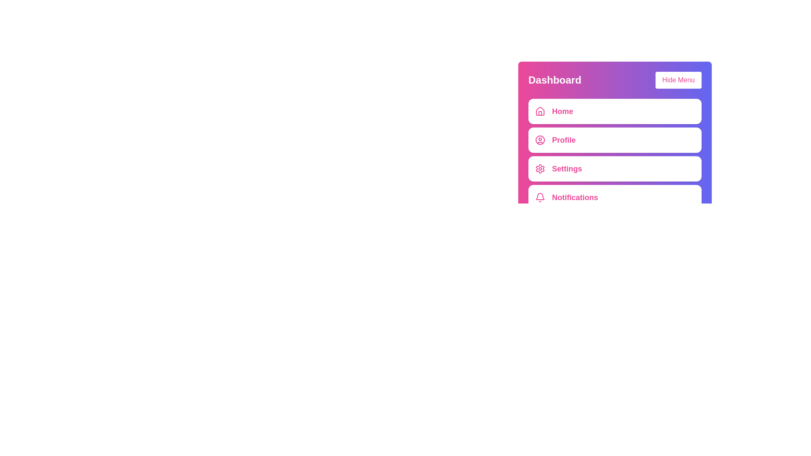  Describe the element at coordinates (615, 139) in the screenshot. I see `the menu item labeled Profile` at that location.